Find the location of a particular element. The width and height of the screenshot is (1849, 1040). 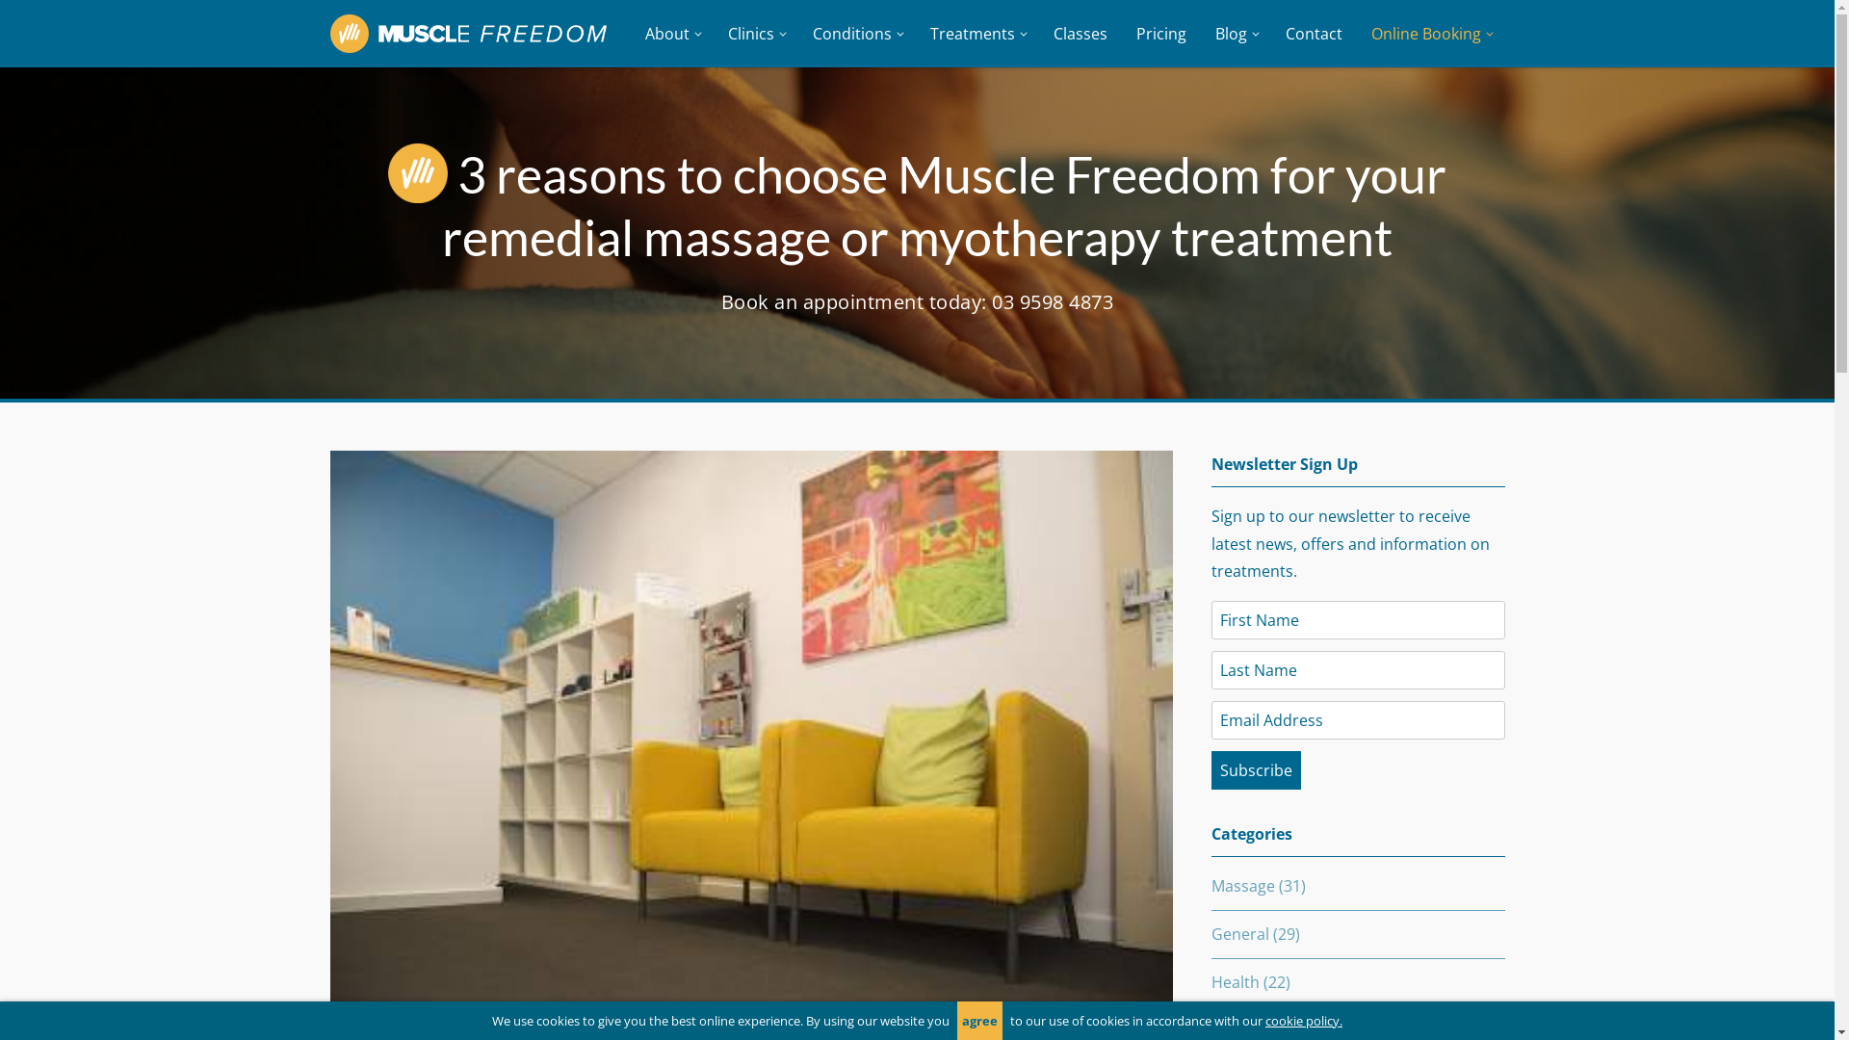

'Health' is located at coordinates (1235, 981).